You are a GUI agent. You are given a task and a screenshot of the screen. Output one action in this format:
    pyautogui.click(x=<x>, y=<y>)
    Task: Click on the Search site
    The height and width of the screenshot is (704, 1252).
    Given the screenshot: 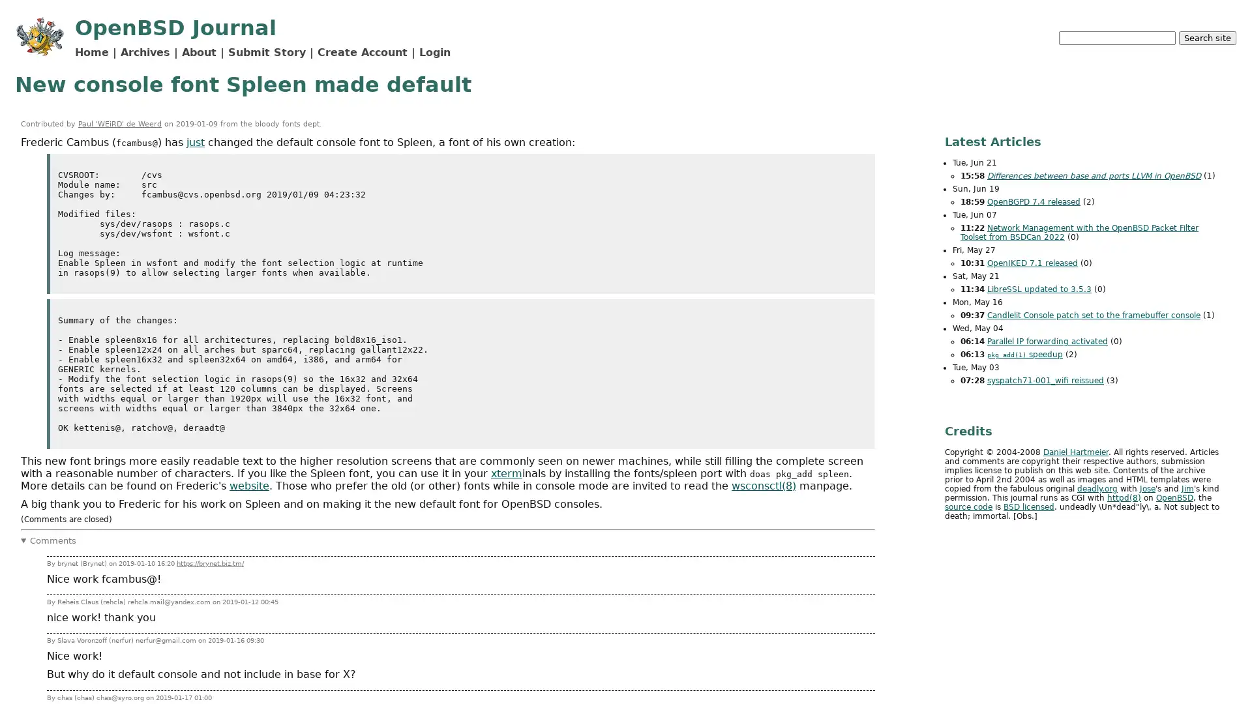 What is the action you would take?
    pyautogui.click(x=1207, y=37)
    